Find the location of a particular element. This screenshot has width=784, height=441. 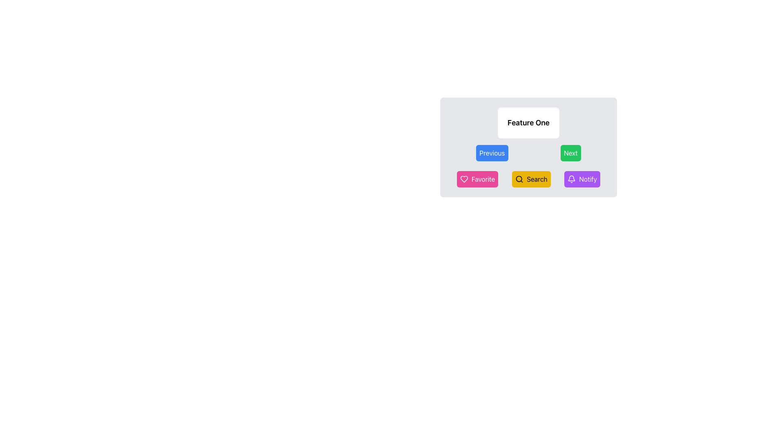

the leftmost button that navigates to the previous item in the gallery is located at coordinates (492, 153).